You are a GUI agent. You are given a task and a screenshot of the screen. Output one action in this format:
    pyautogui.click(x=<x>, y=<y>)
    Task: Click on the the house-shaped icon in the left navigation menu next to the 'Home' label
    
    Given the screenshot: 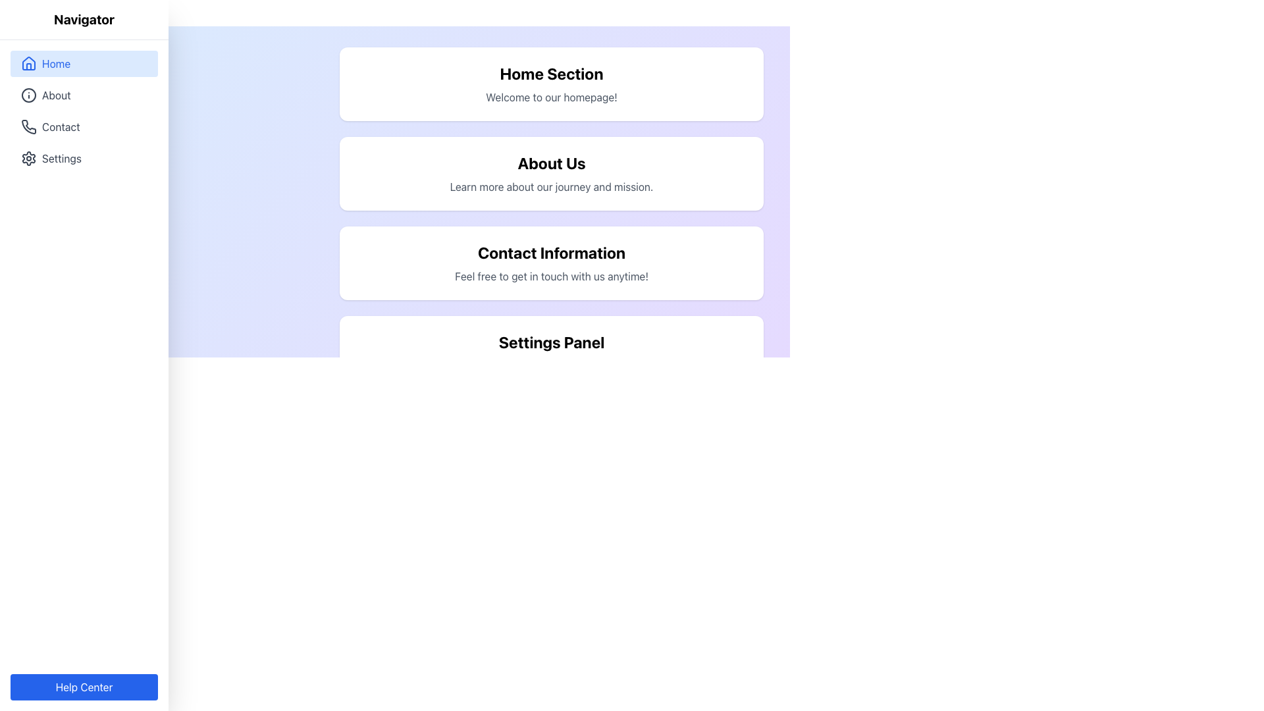 What is the action you would take?
    pyautogui.click(x=28, y=63)
    